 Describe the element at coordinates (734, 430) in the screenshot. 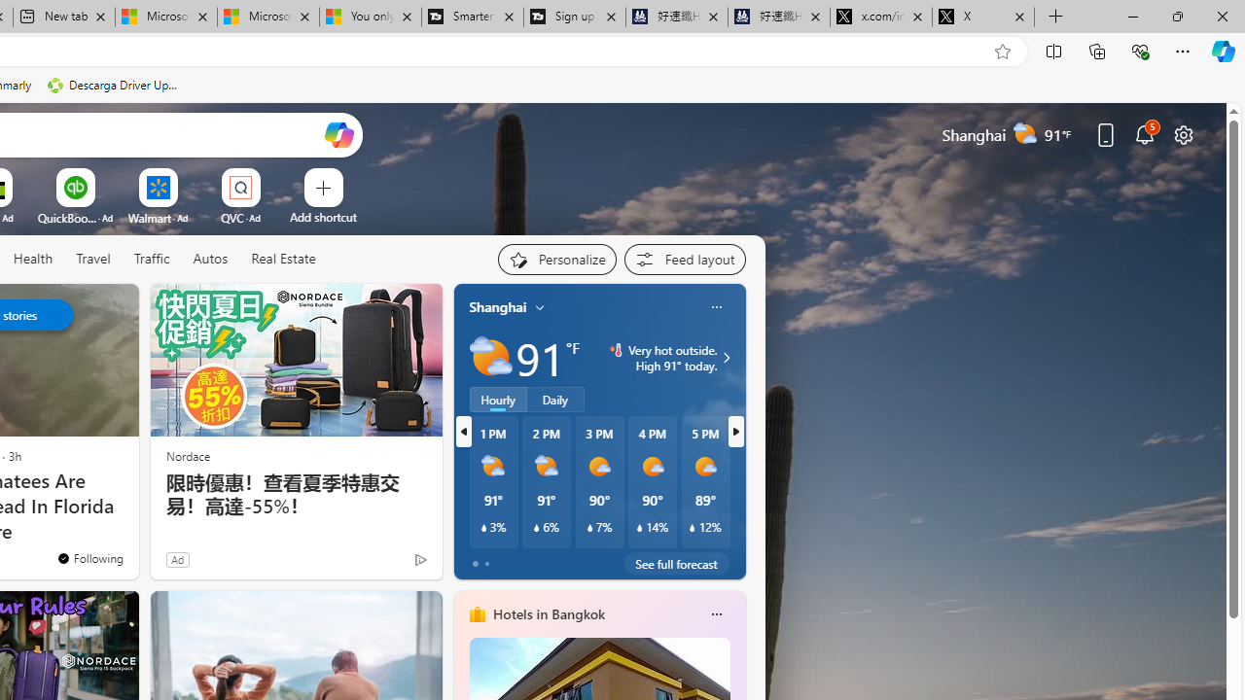

I see `'next'` at that location.